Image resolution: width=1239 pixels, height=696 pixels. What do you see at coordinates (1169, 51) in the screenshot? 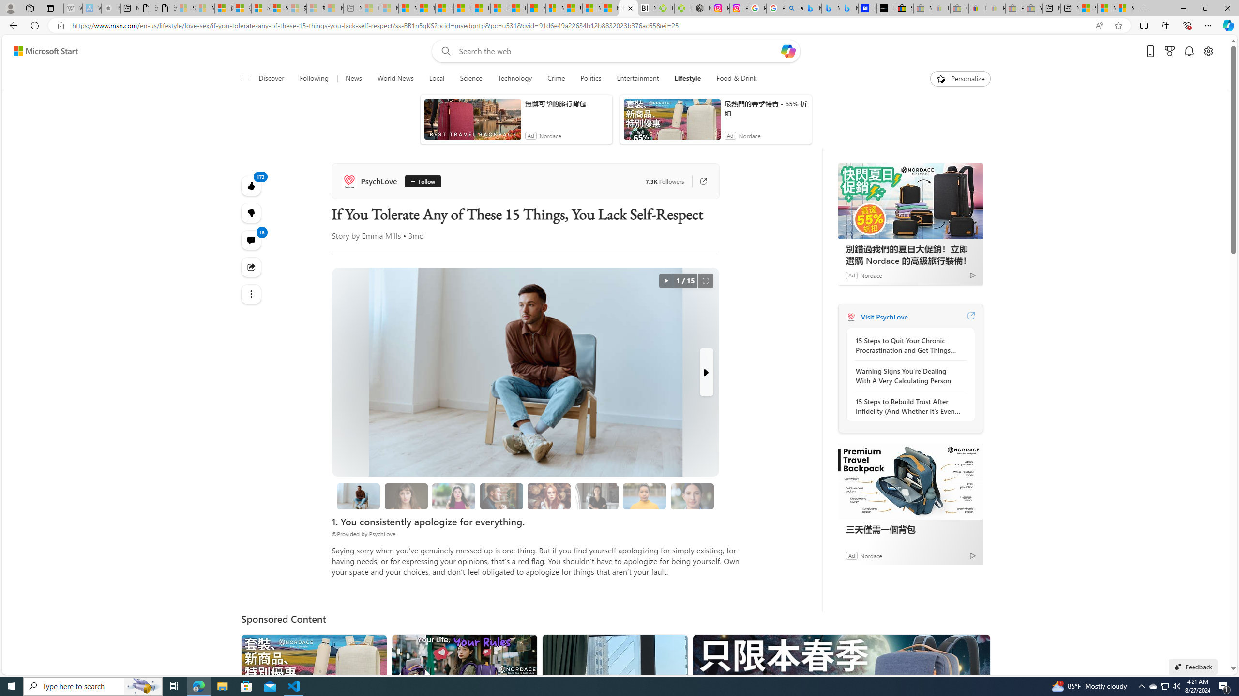
I see `'Microsoft rewards'` at bounding box center [1169, 51].